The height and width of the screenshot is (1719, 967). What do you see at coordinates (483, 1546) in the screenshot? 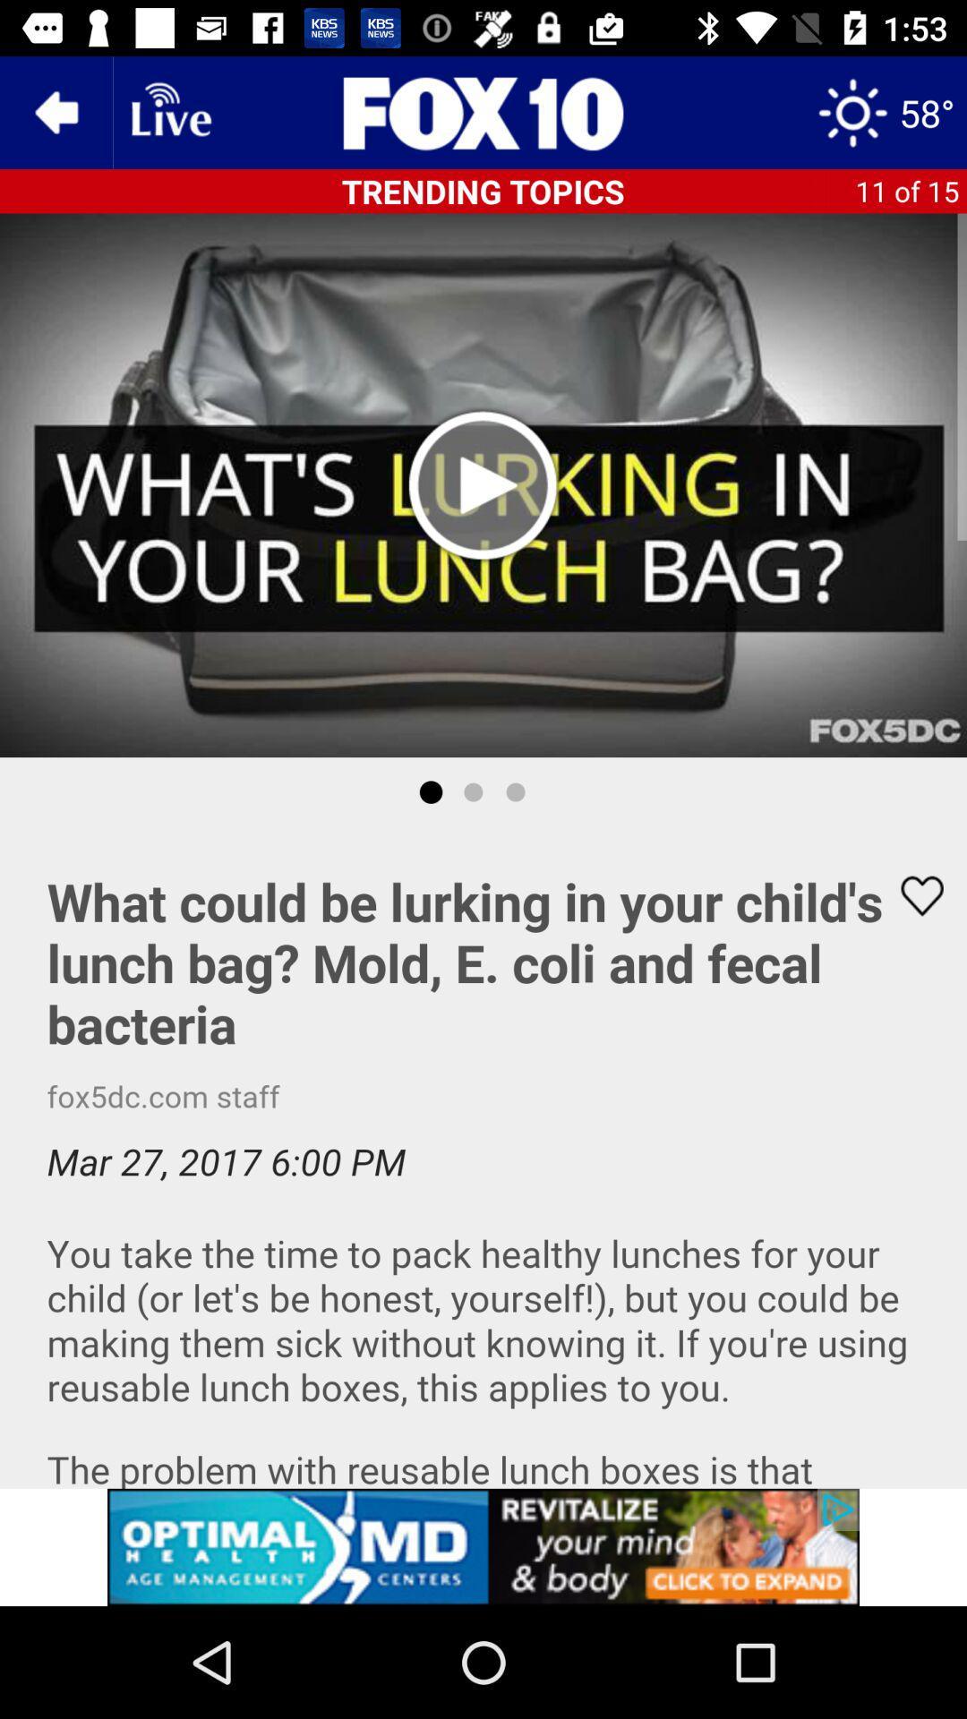
I see `adventisment` at bounding box center [483, 1546].